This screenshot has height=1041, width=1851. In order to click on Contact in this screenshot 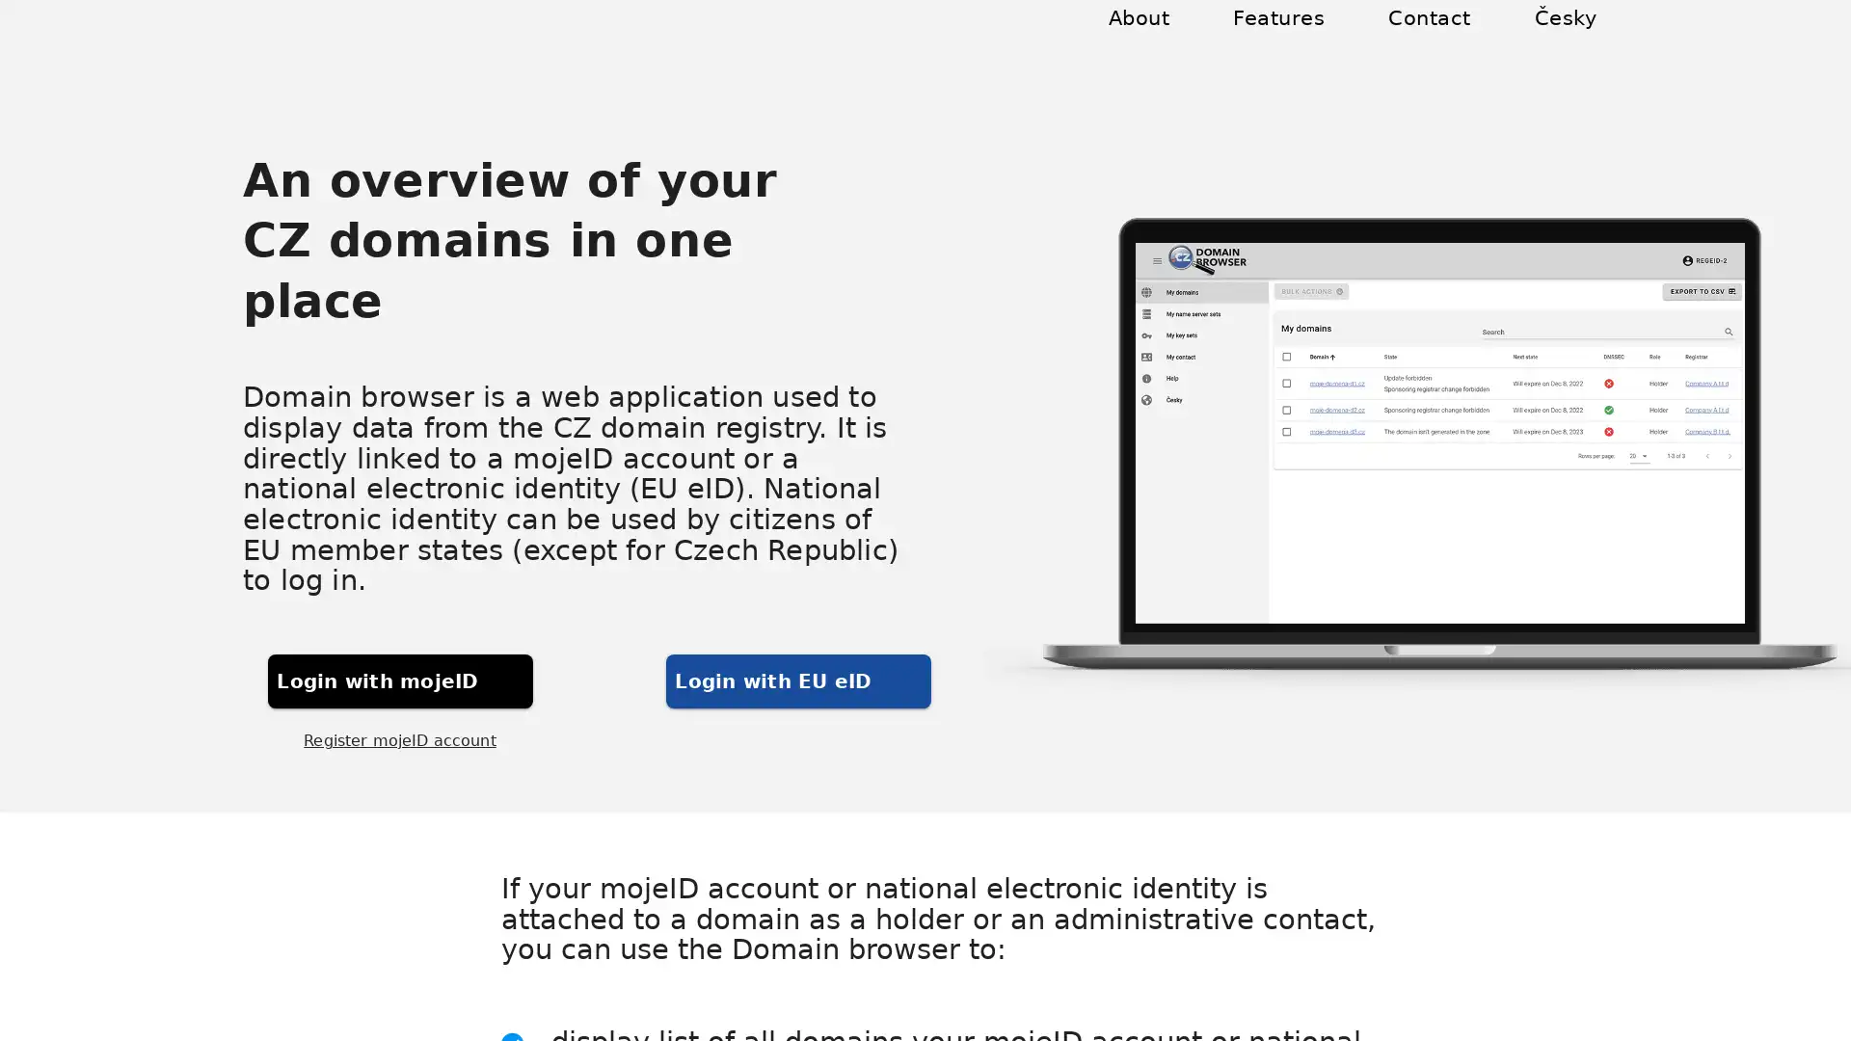, I will do `click(1436, 40)`.